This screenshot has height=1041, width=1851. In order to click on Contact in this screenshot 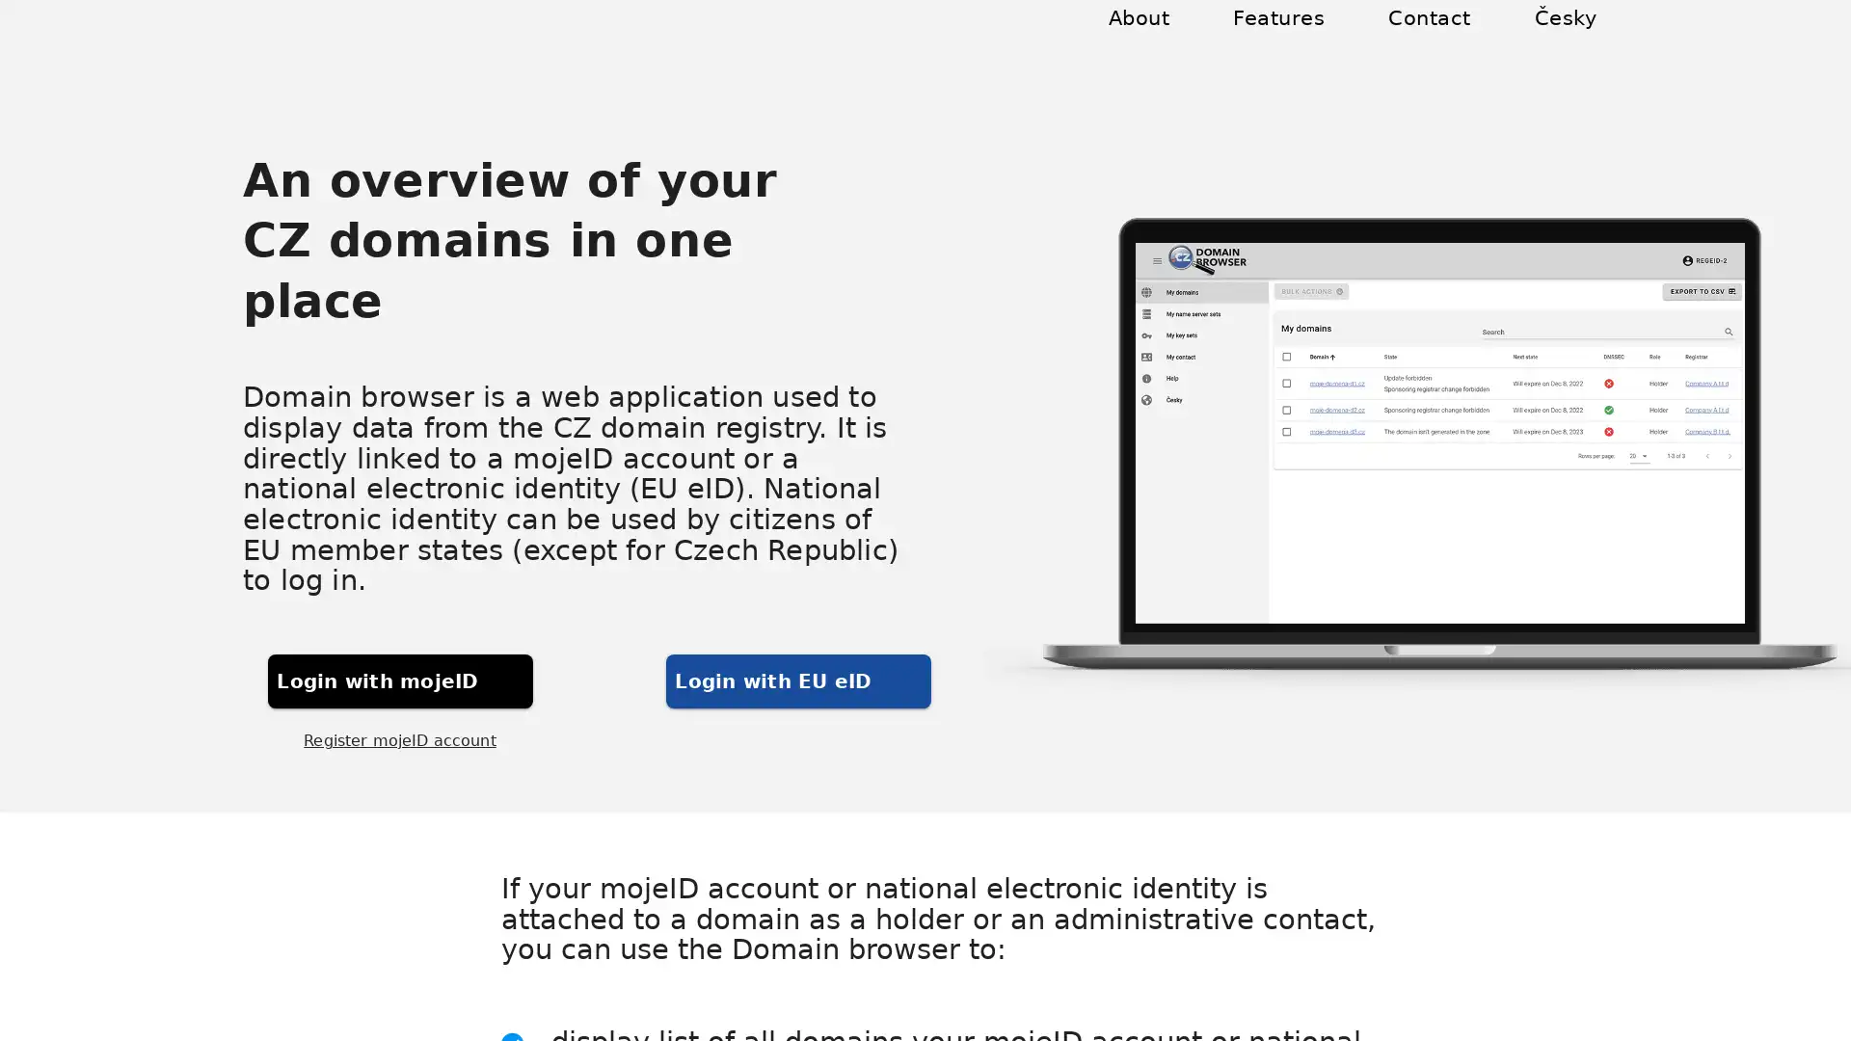, I will do `click(1436, 40)`.